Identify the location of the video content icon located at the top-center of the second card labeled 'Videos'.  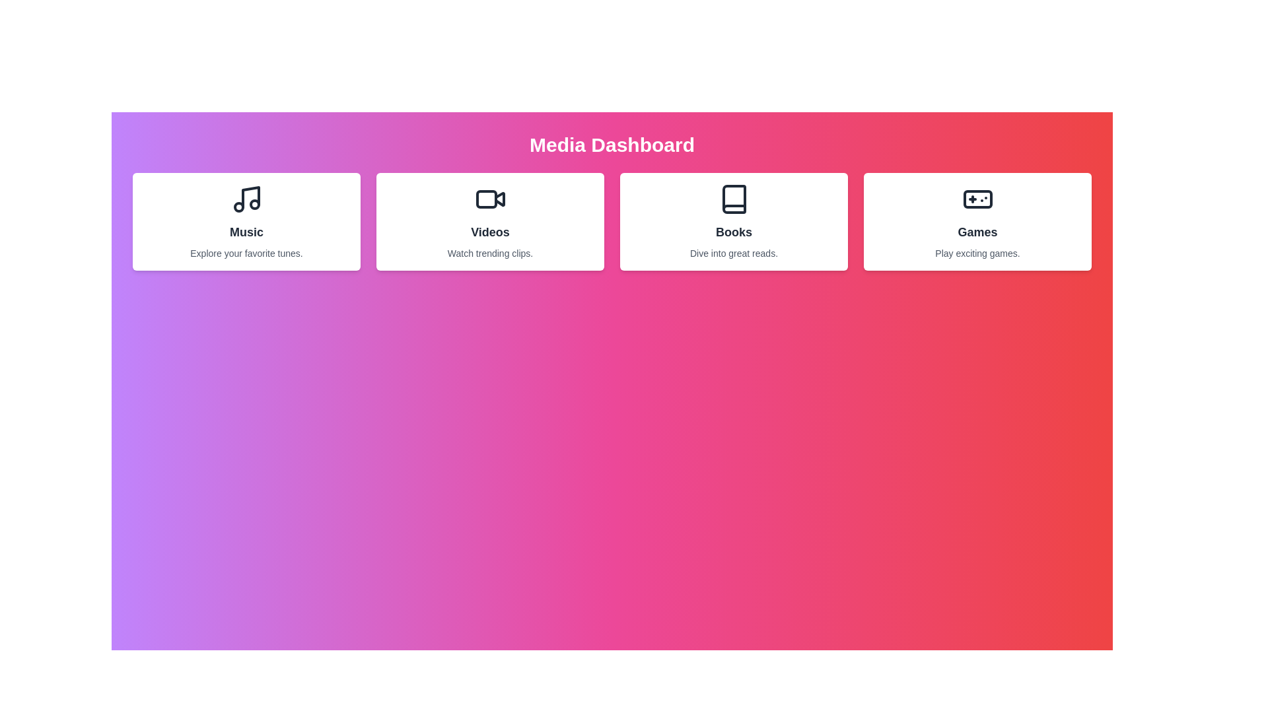
(489, 199).